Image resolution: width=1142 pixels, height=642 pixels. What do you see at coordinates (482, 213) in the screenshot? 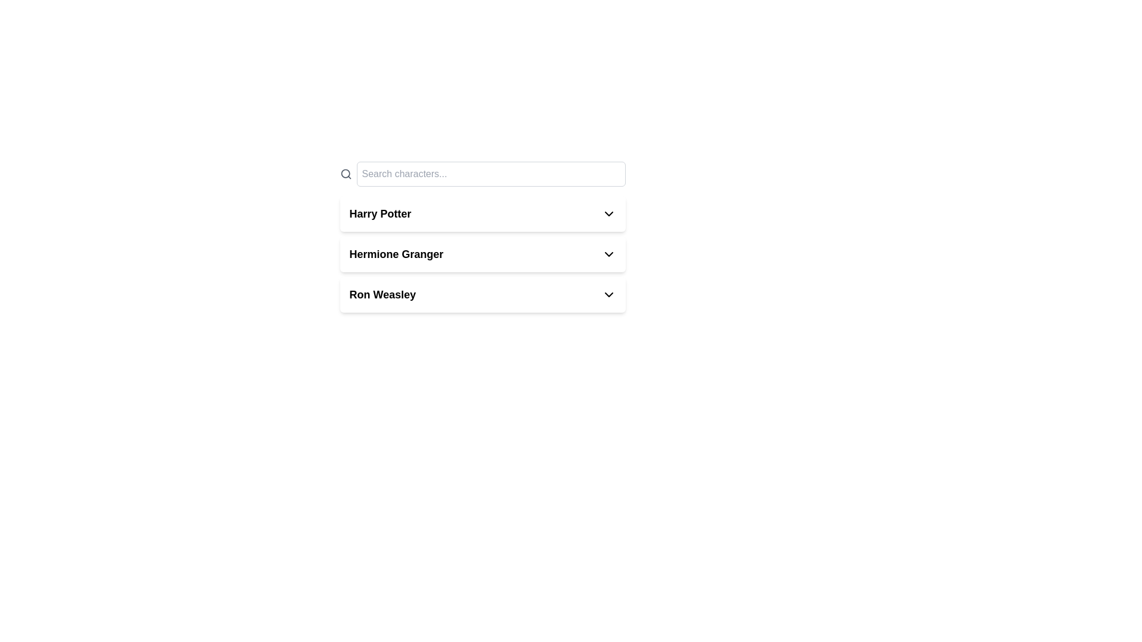
I see `the dropdown option for 'Harry Potter'` at bounding box center [482, 213].